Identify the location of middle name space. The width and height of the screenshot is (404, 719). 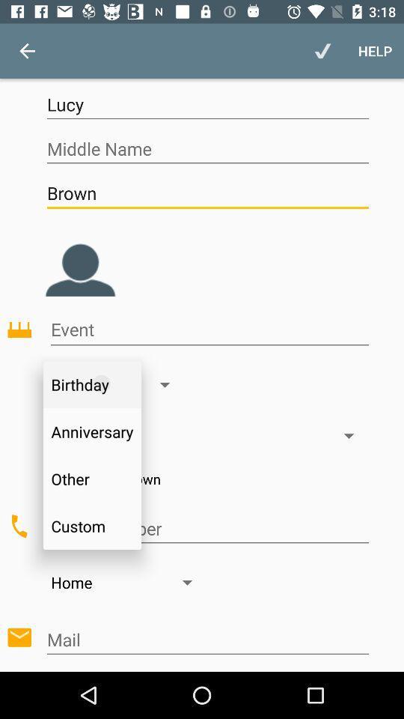
(206, 149).